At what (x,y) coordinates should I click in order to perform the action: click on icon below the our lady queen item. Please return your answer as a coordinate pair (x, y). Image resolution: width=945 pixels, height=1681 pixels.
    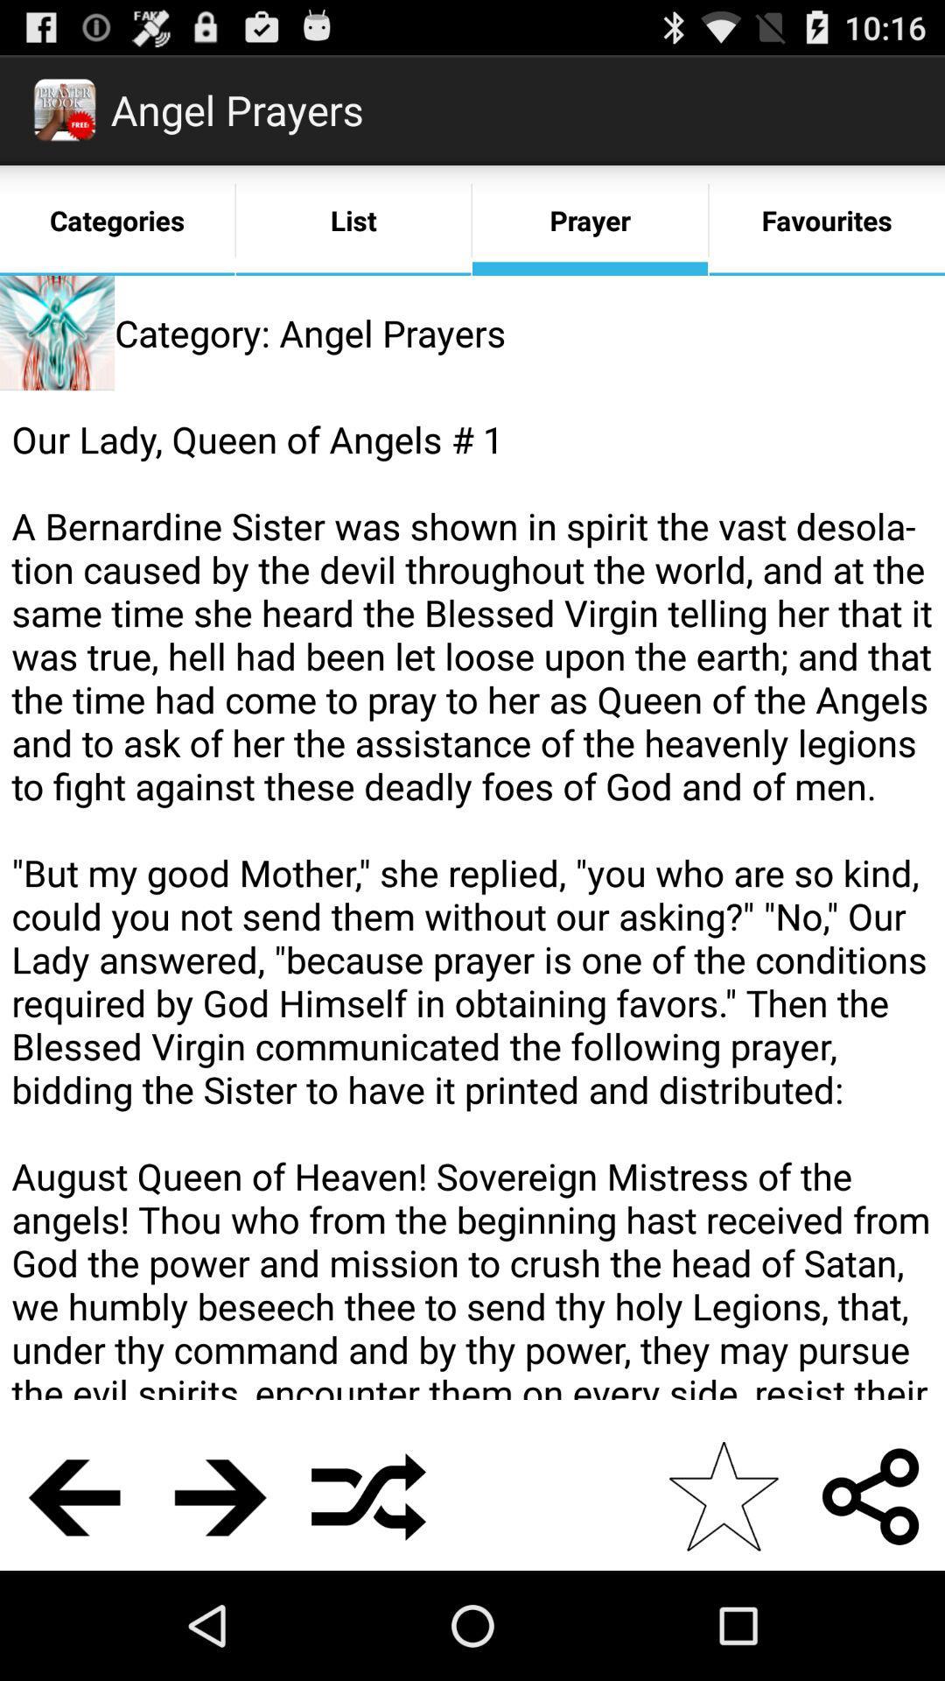
    Looking at the image, I should click on (73, 1495).